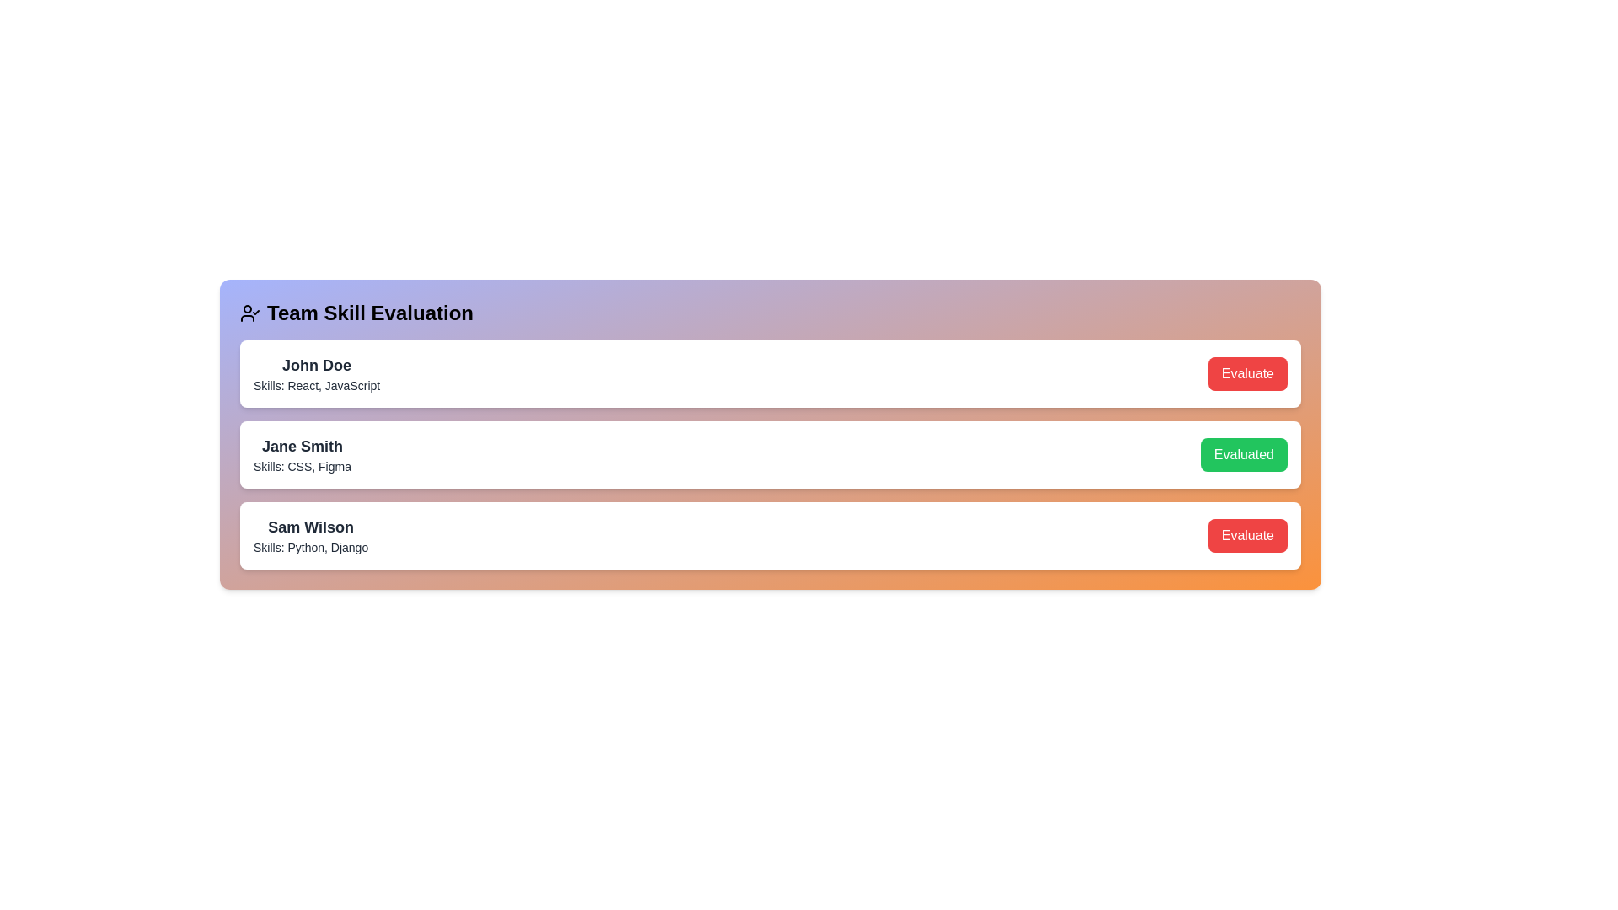 This screenshot has width=1618, height=910. I want to click on the text block displaying the name and skills of the team member, so click(317, 372).